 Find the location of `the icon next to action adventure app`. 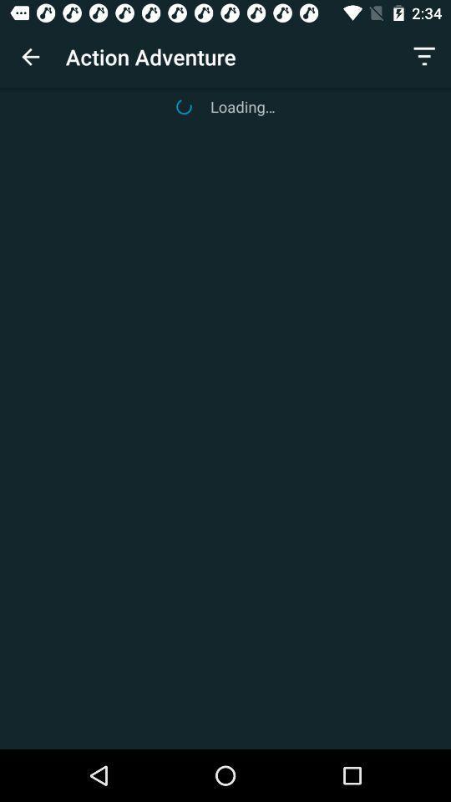

the icon next to action adventure app is located at coordinates (30, 57).